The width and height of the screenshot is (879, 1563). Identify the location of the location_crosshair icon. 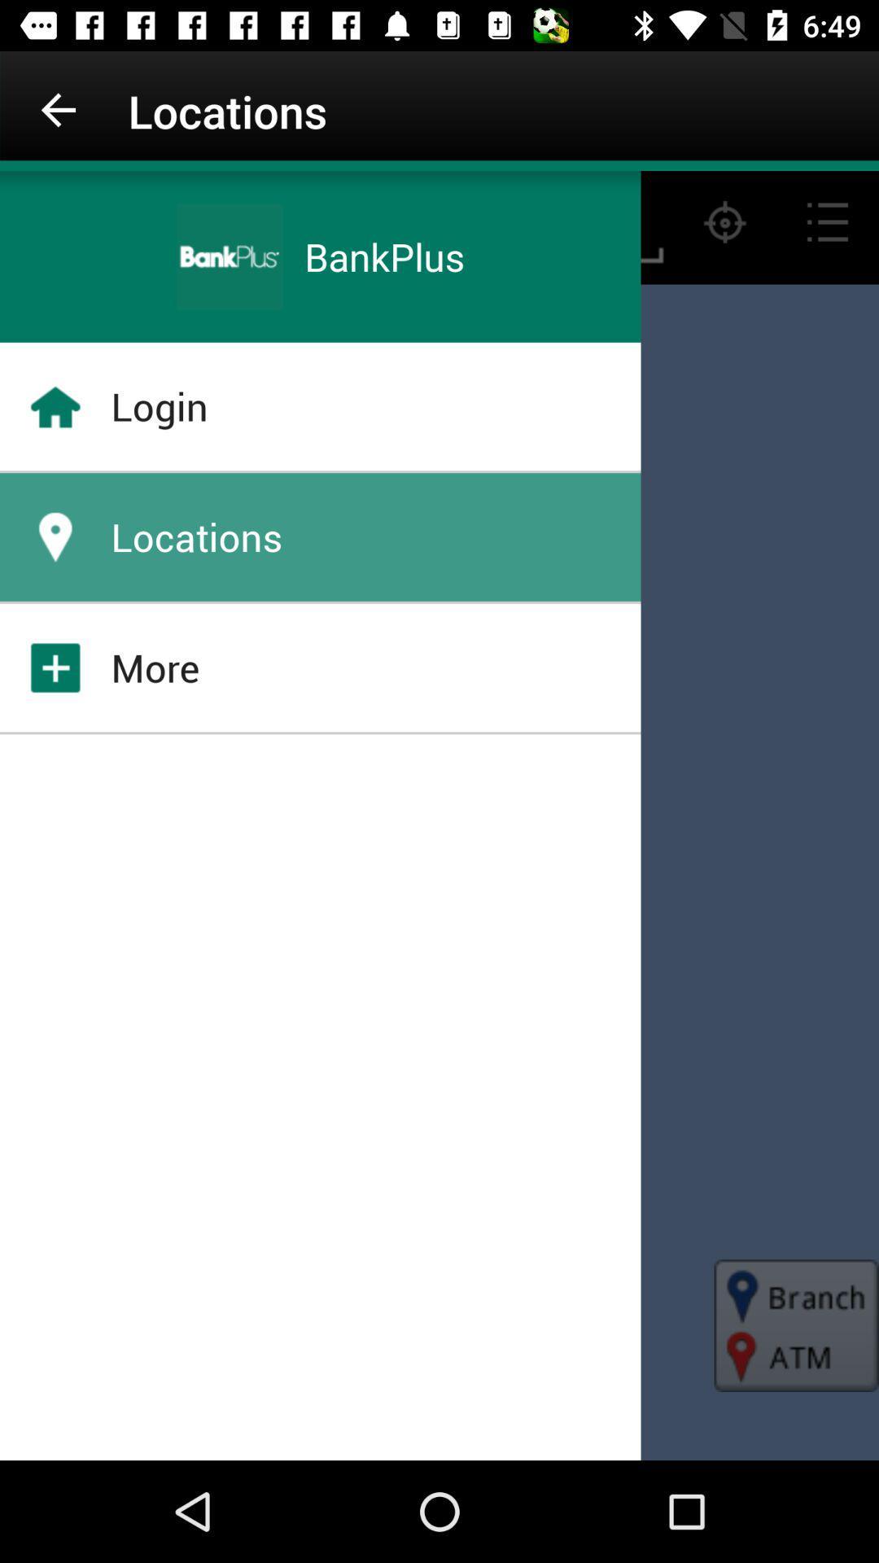
(724, 221).